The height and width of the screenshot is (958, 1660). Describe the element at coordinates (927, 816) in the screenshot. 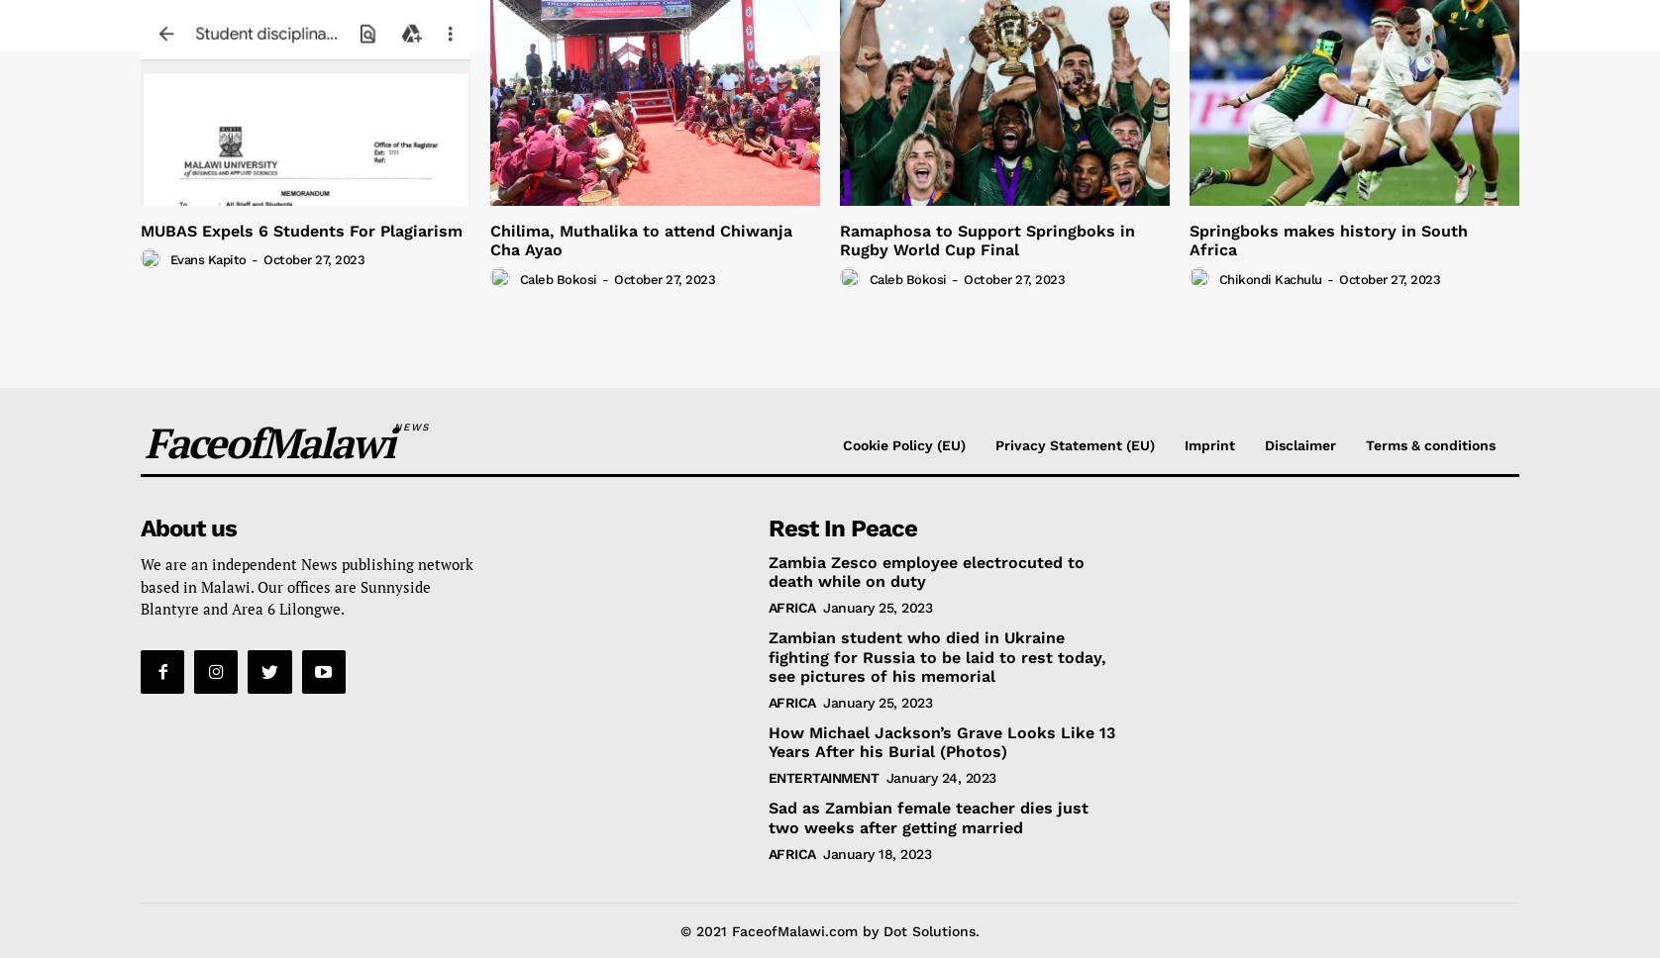

I see `'Sad as Zambian female teacher dies just two weeks after getting married'` at that location.